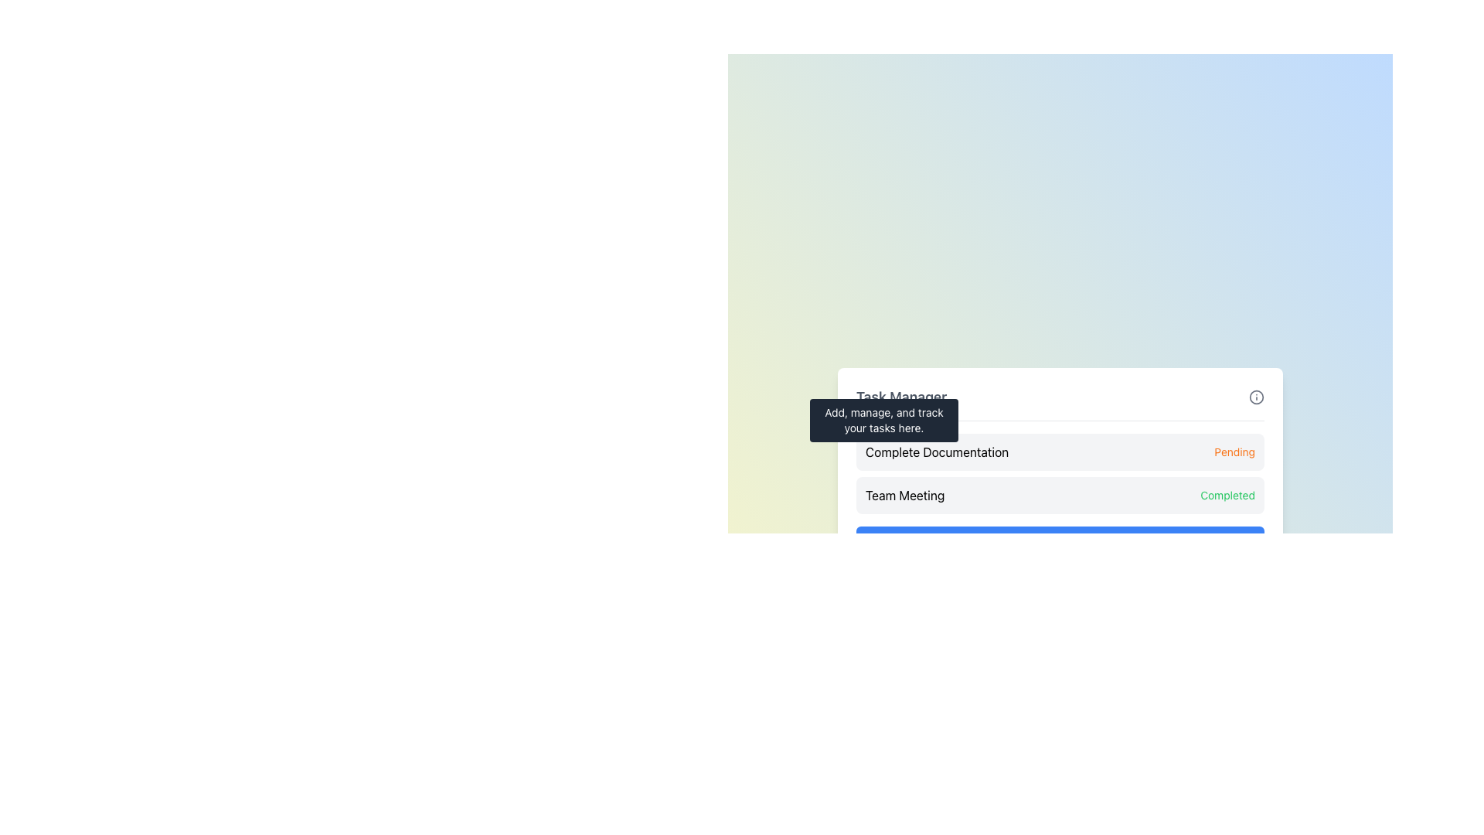 This screenshot has width=1484, height=835. I want to click on the 'Team Meeting' text label which indicates the task in the task listing panel, so click(905, 495).